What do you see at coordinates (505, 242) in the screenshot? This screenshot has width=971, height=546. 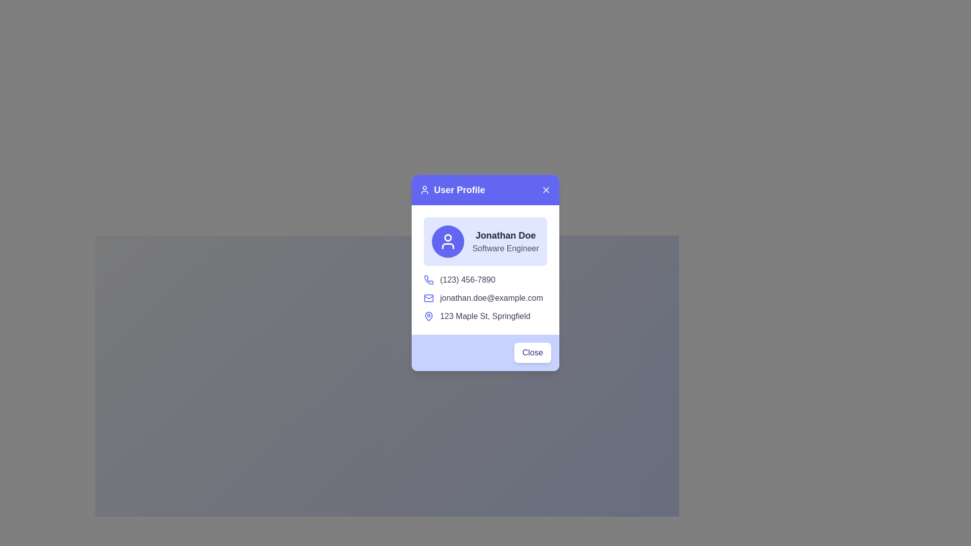 I see `the text block that displays 'Jonathan Doe' and 'Software Engineer' within the user profile card` at bounding box center [505, 242].